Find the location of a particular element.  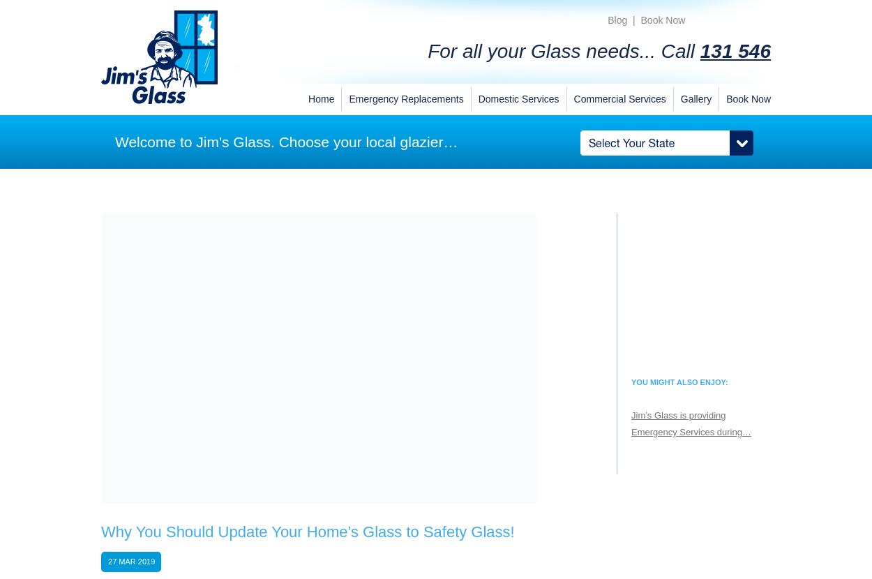

'|' is located at coordinates (633, 20).